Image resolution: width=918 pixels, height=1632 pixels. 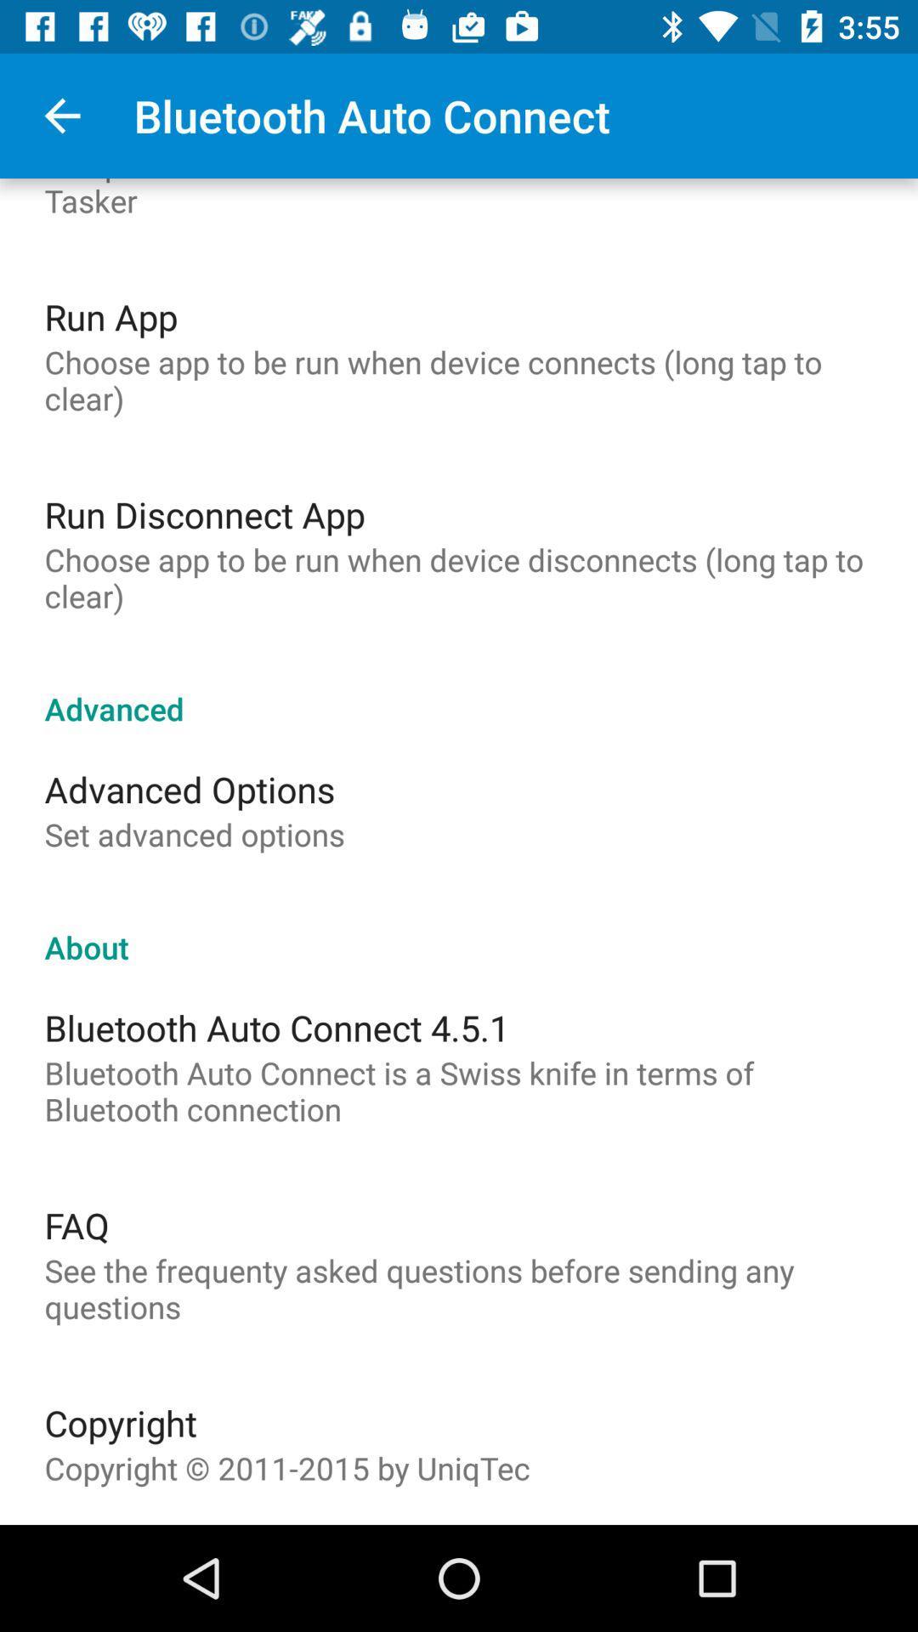 I want to click on the the preference misc icon, so click(x=459, y=200).